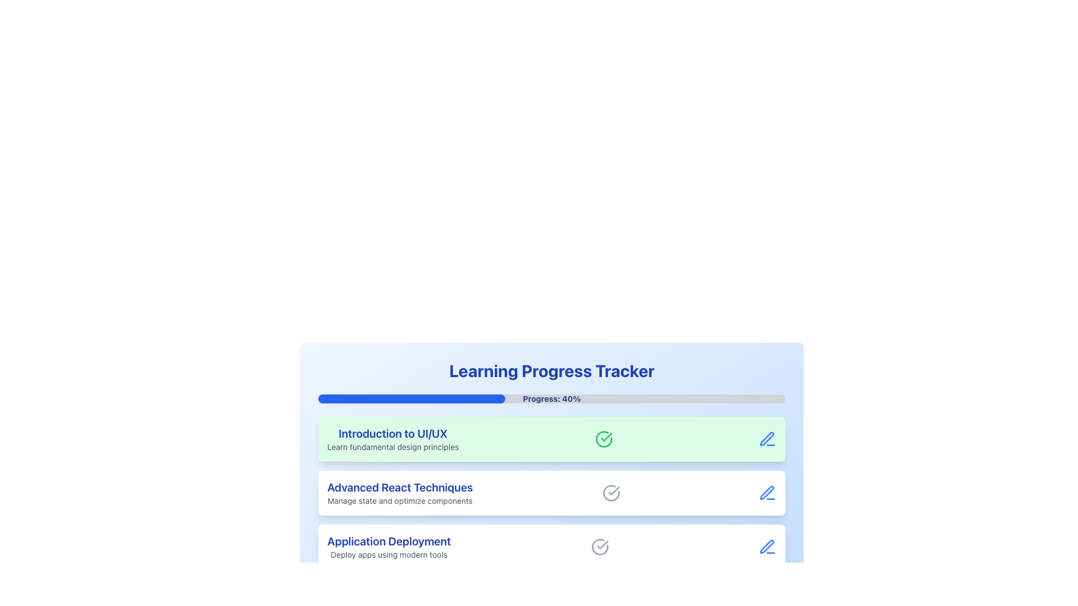  Describe the element at coordinates (552, 439) in the screenshot. I see `the task details of the 'Introduction to UI/UX' card, which is the first card in the vertical list below the 'Learning Progress Tracker' header` at that location.